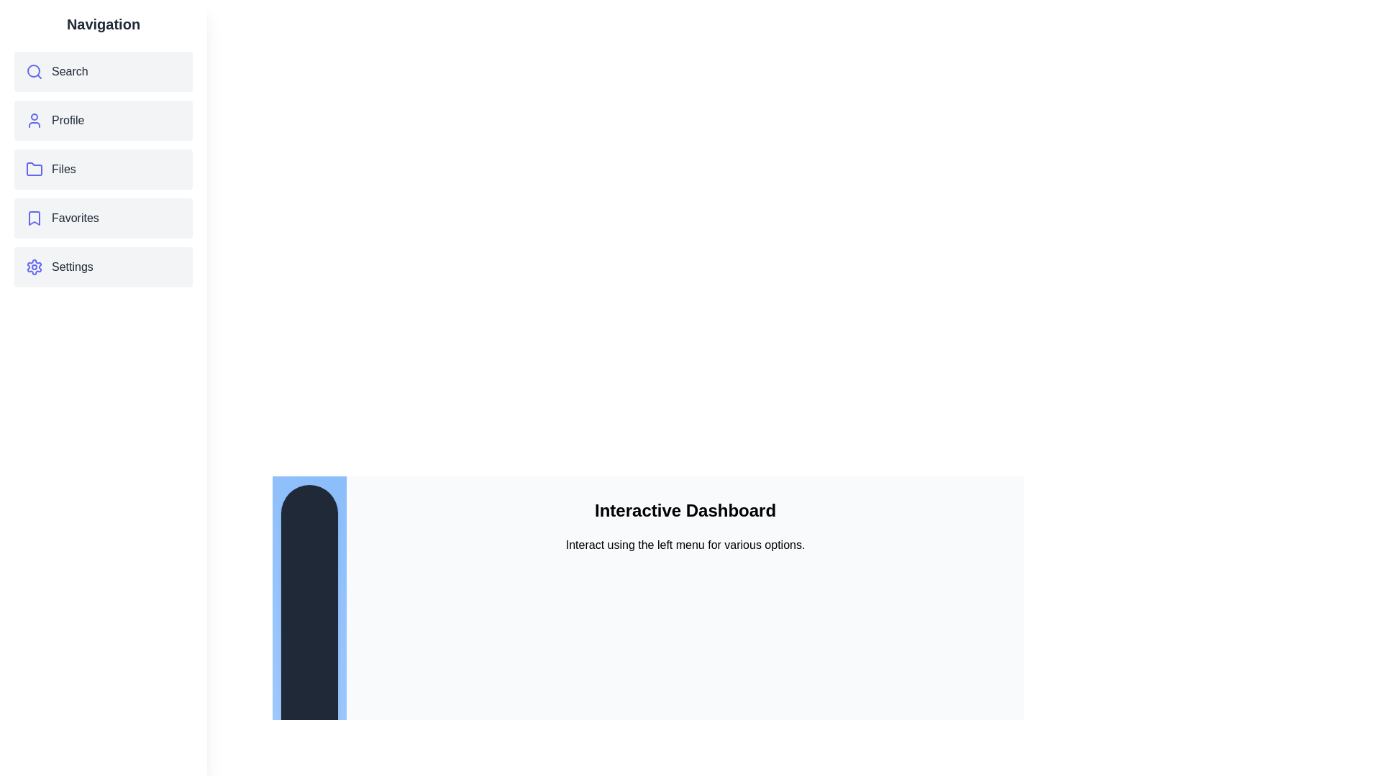 The height and width of the screenshot is (776, 1381). What do you see at coordinates (103, 218) in the screenshot?
I see `the menu item corresponding to Favorites to navigate` at bounding box center [103, 218].